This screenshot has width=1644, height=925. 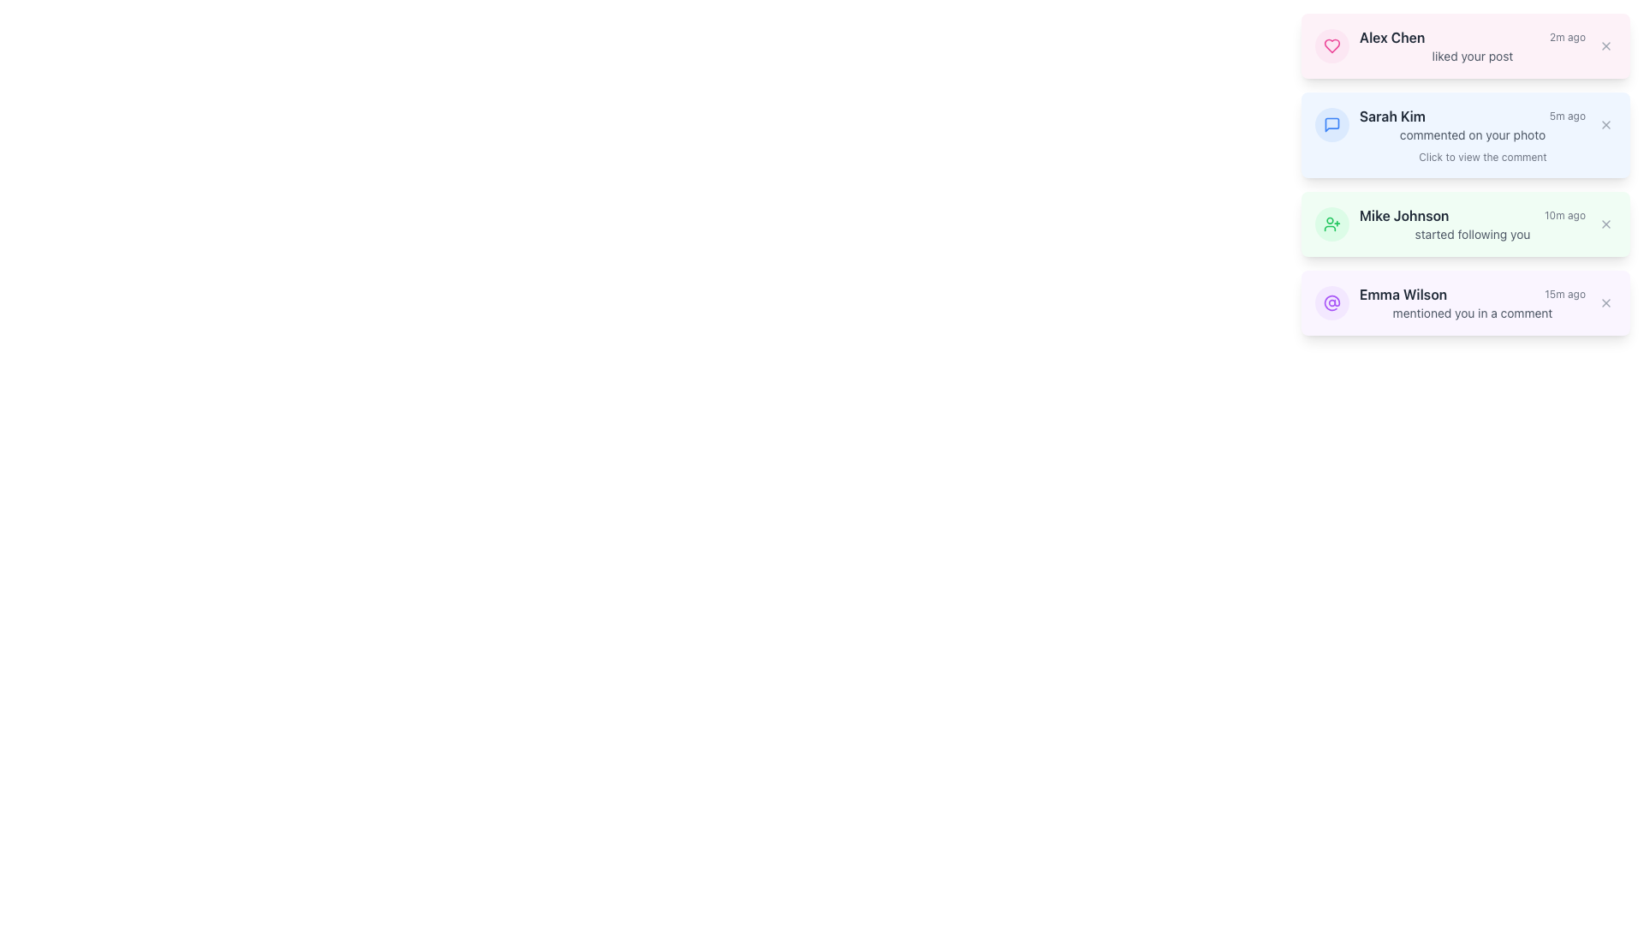 What do you see at coordinates (1471, 55) in the screenshot?
I see `text label that says 'liked your post', which is styled in gray and located within a notification card below the username 'Alex Chen'` at bounding box center [1471, 55].